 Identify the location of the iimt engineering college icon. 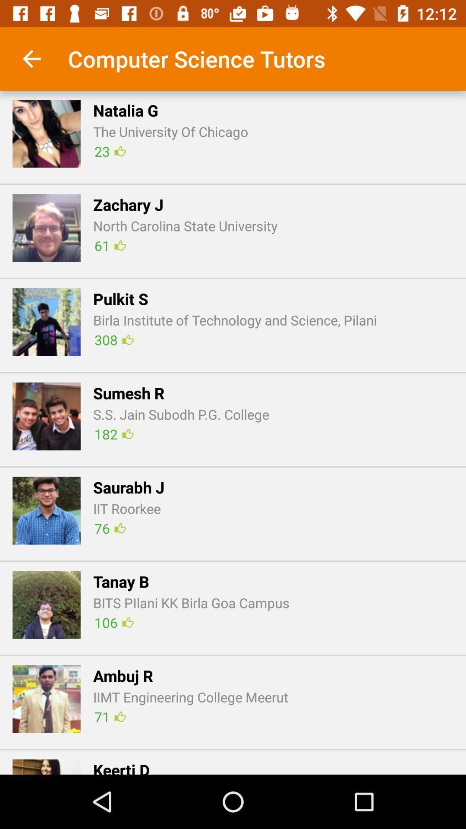
(190, 697).